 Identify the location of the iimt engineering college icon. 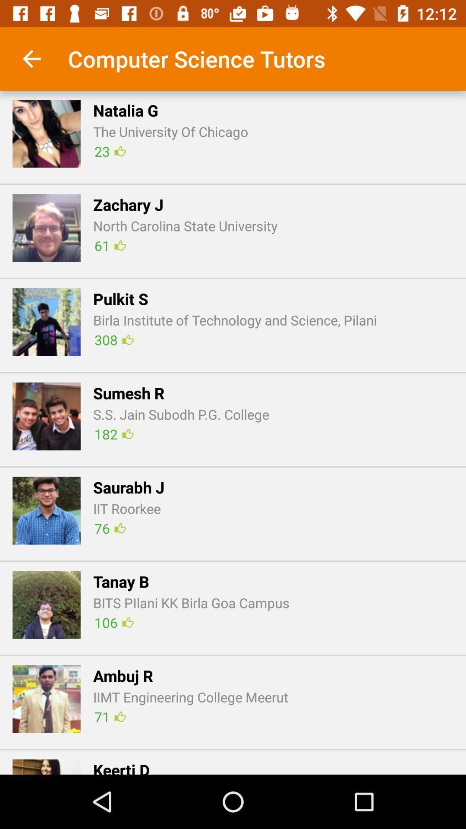
(190, 697).